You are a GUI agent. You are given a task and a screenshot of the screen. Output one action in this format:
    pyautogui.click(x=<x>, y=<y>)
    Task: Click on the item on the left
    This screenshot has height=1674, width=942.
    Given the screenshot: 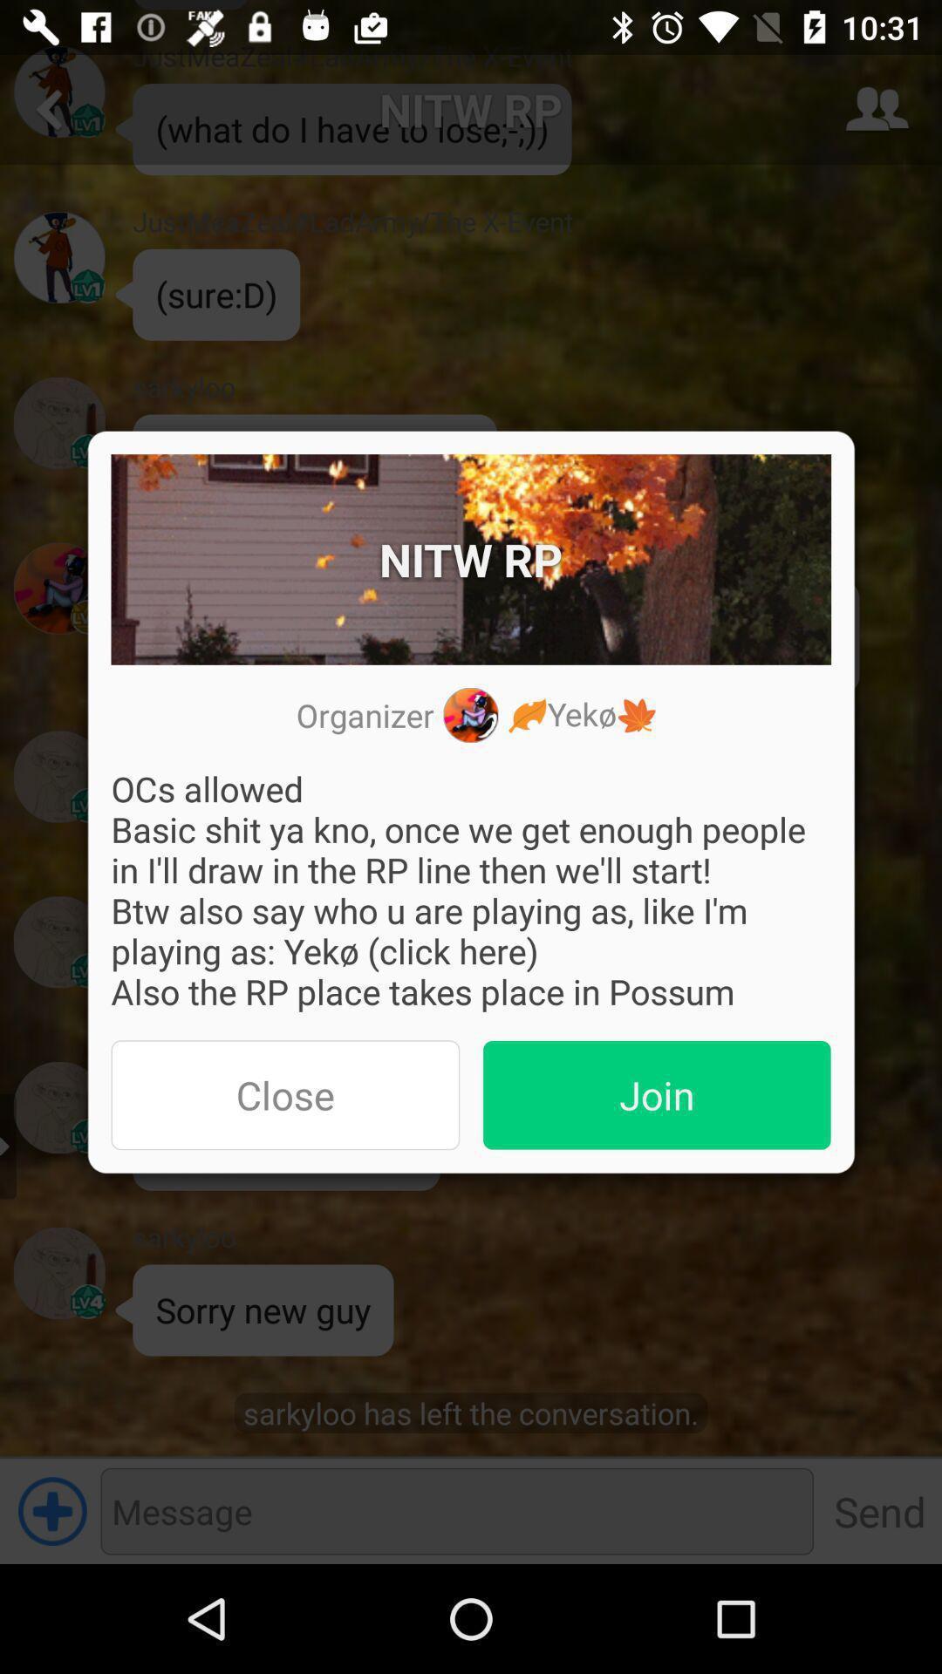 What is the action you would take?
    pyautogui.click(x=284, y=1094)
    